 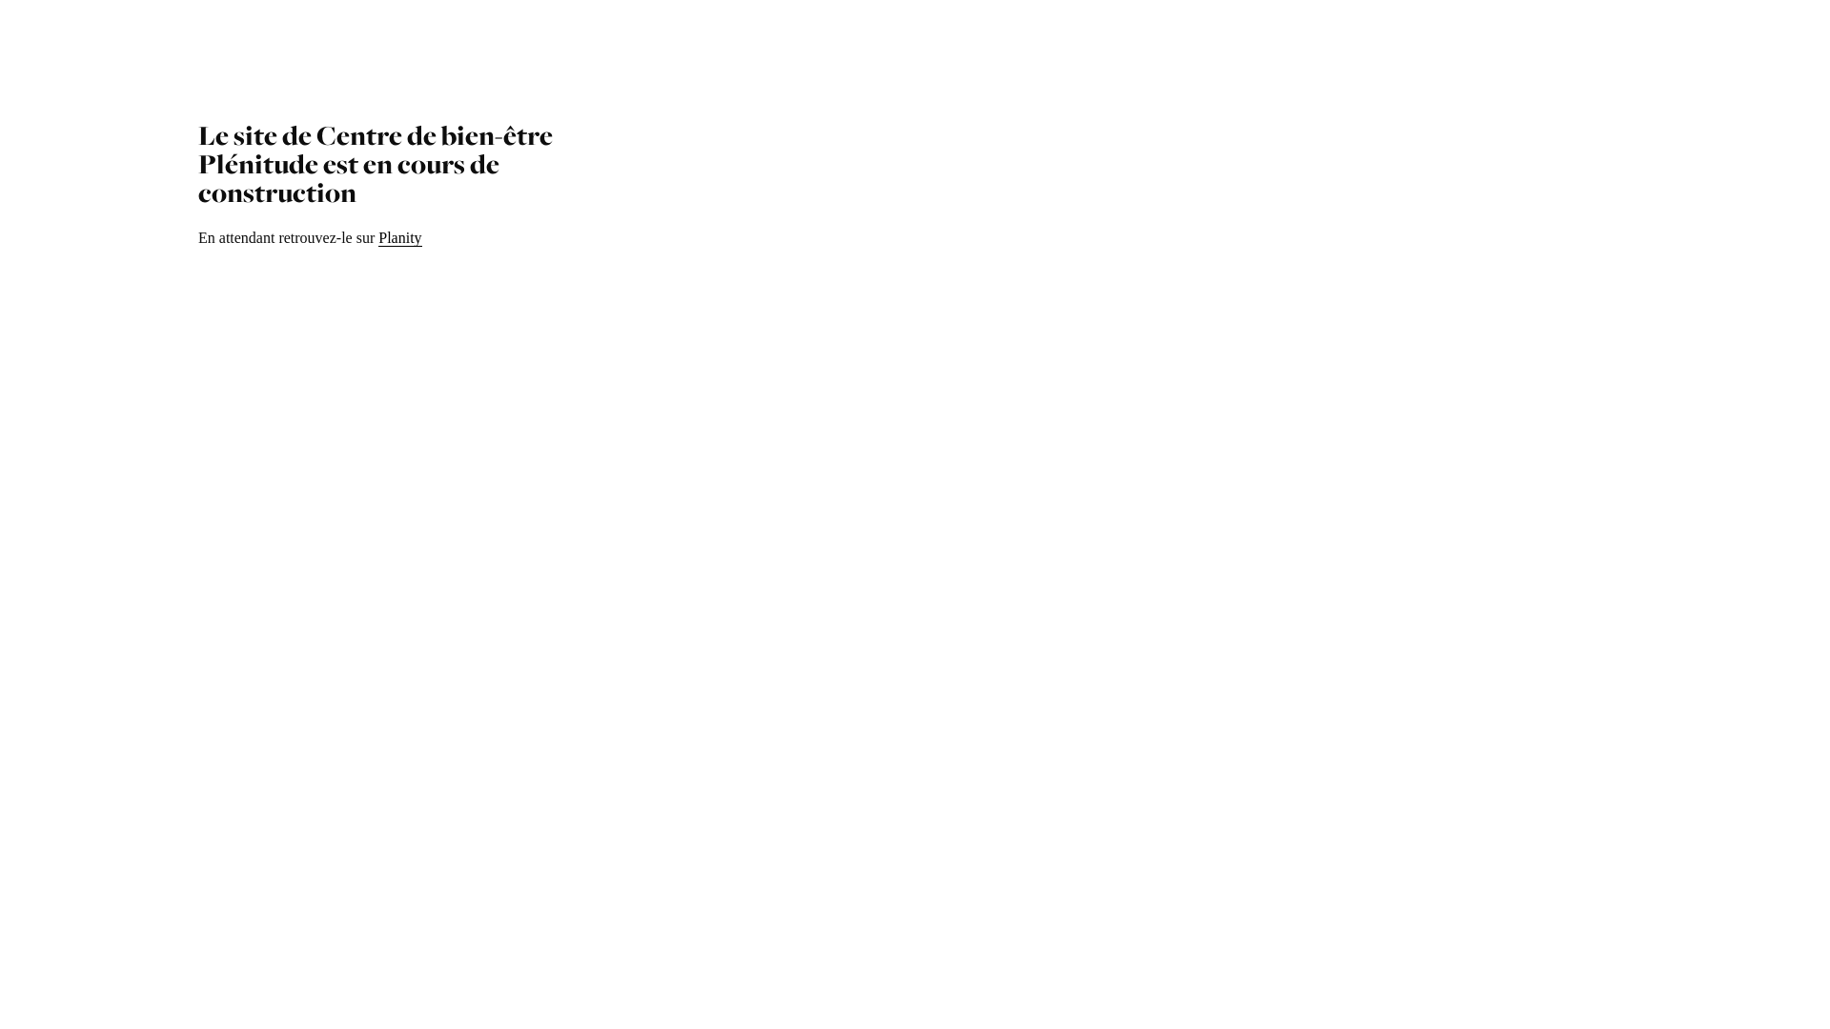 What do you see at coordinates (398, 237) in the screenshot?
I see `'Planity'` at bounding box center [398, 237].